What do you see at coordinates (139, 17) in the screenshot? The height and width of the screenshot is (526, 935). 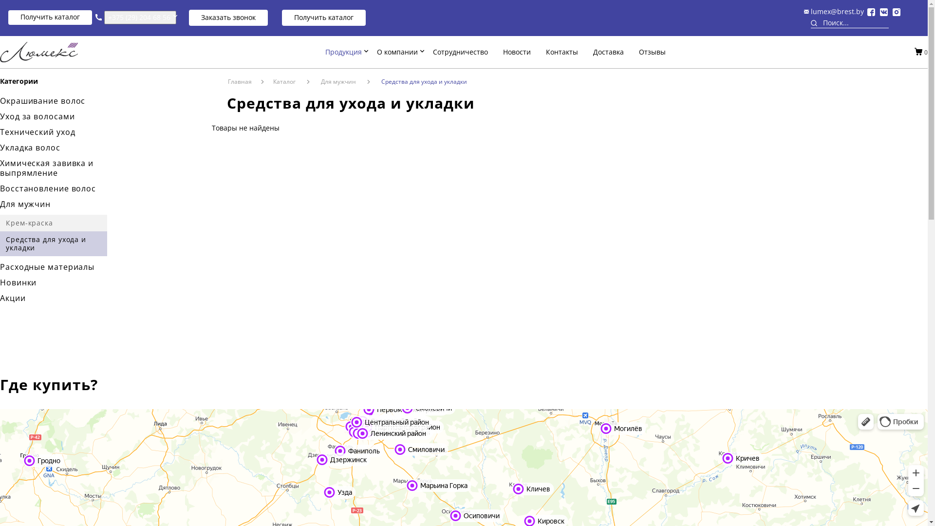 I see `'+375 (29) 204 68 56'` at bounding box center [139, 17].